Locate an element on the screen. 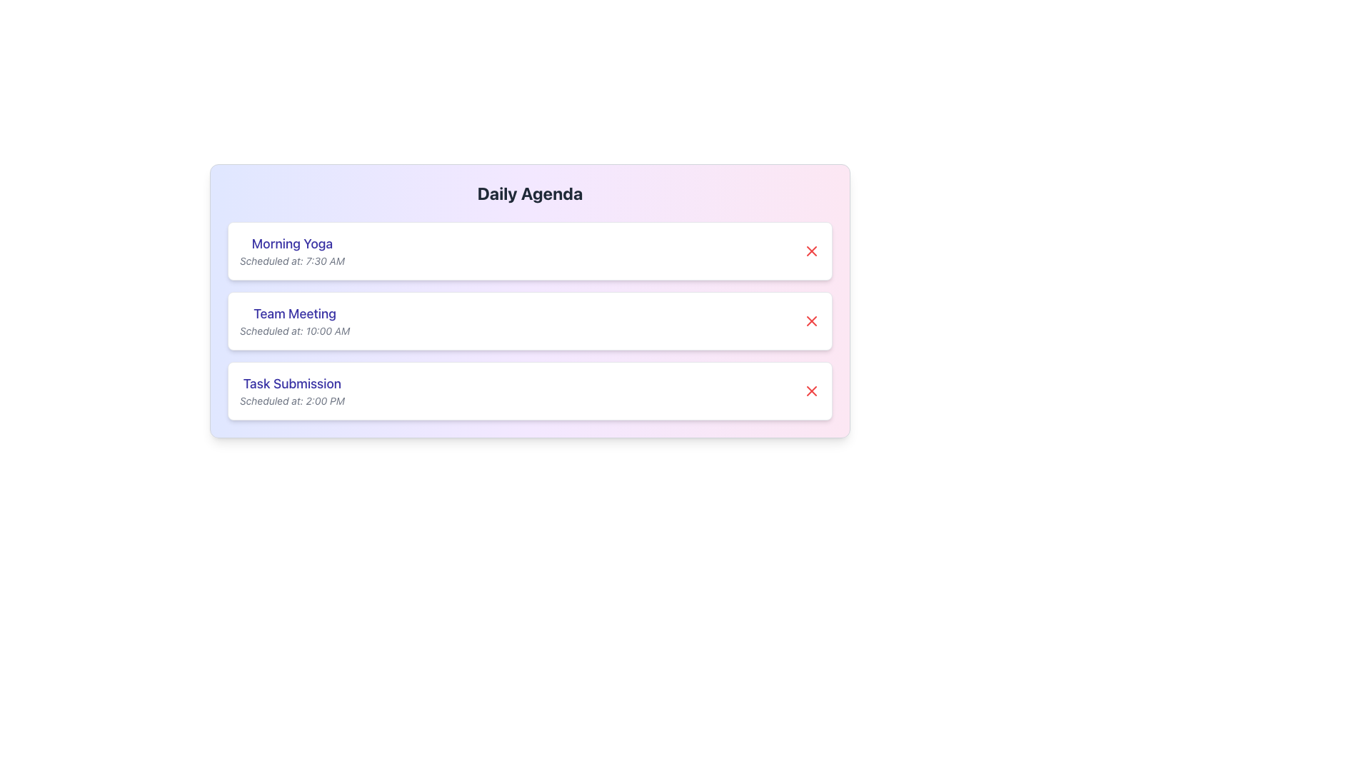 The height and width of the screenshot is (771, 1371). the text label displaying the scheduled time for the 'Team Meeting', which is positioned below the 'Team Meeting' text and above the 'Task Submission' entry in the agenda list is located at coordinates (294, 331).